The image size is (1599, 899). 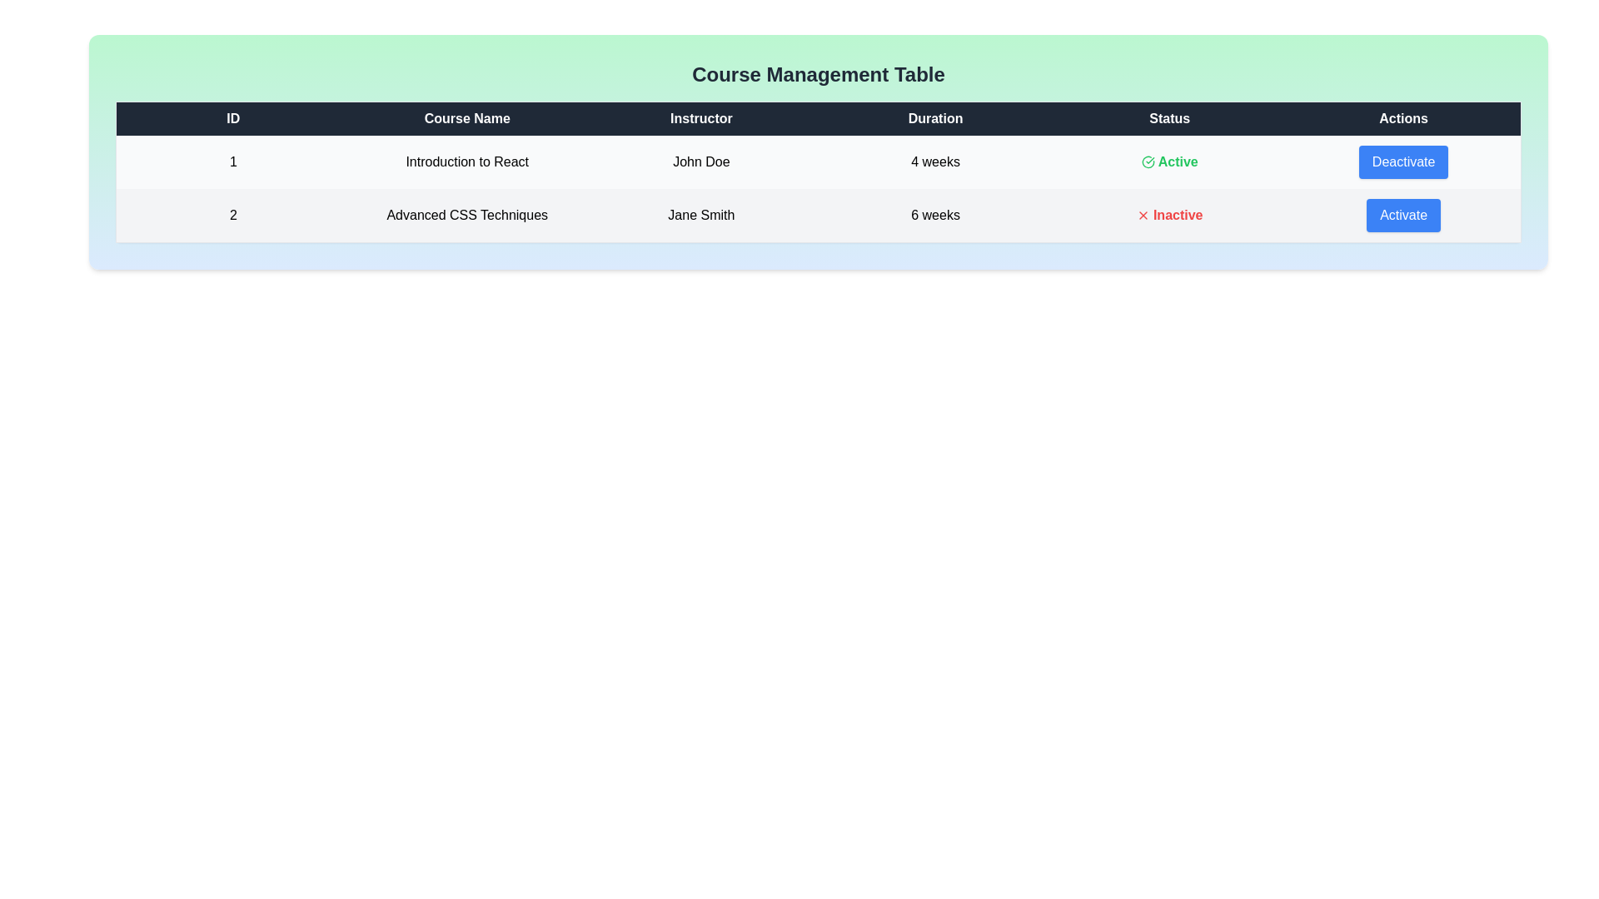 I want to click on the text label displaying the numeral '2' to focus on the corresponding row in the table, so click(x=232, y=215).